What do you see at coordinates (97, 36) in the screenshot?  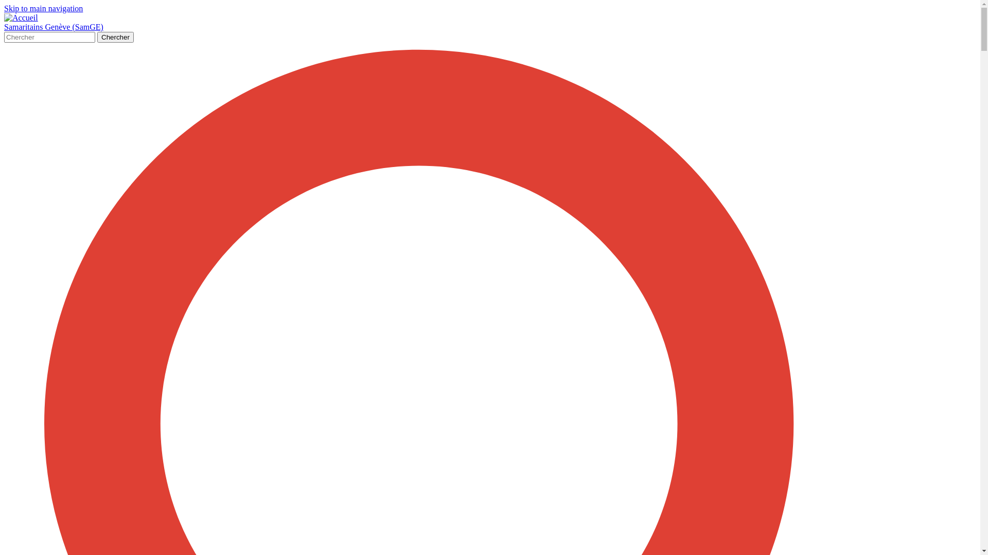 I see `'Chercher'` at bounding box center [97, 36].